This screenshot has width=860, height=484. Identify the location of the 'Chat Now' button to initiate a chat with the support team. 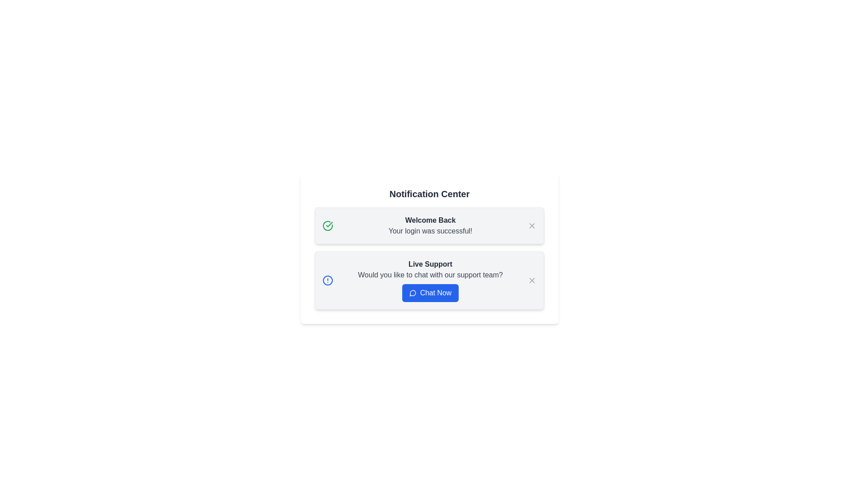
(430, 293).